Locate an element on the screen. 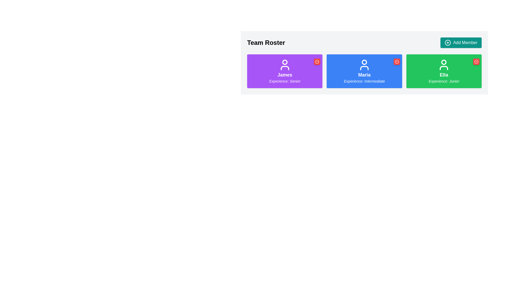 This screenshot has width=507, height=285. the red circular icon button with a minus sign at the top-right corner of the green card labeled 'Ella' is located at coordinates (476, 61).